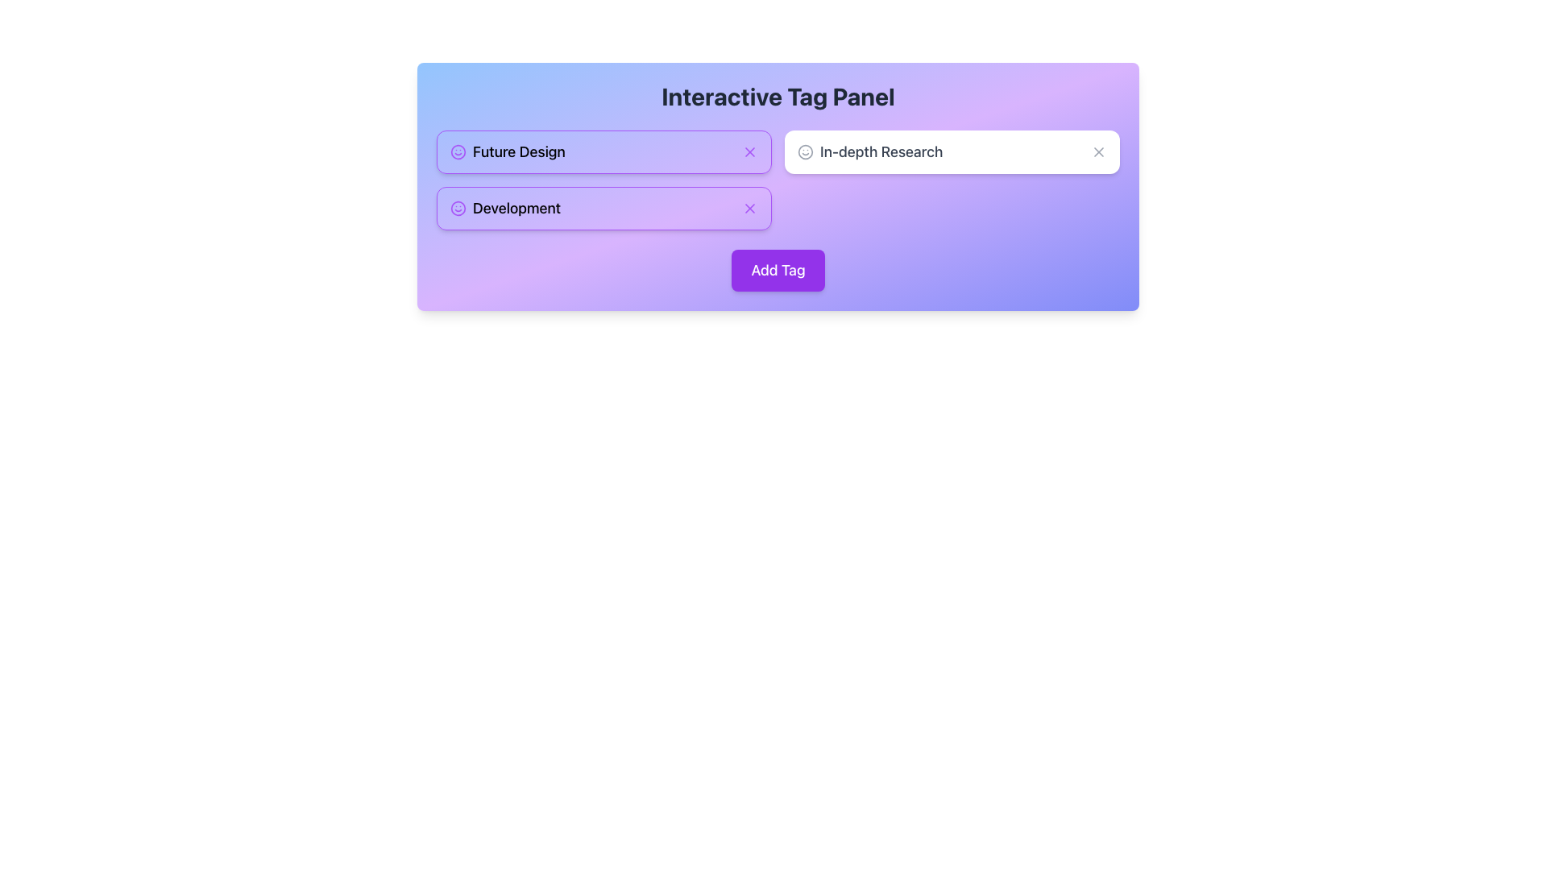 This screenshot has height=870, width=1547. What do you see at coordinates (869, 152) in the screenshot?
I see `the Text Label with Icon that indicates a category or classification, located in the top-right section of a horizontally arranged layout adjacent to 'Future Design' and 'Development' tags` at bounding box center [869, 152].